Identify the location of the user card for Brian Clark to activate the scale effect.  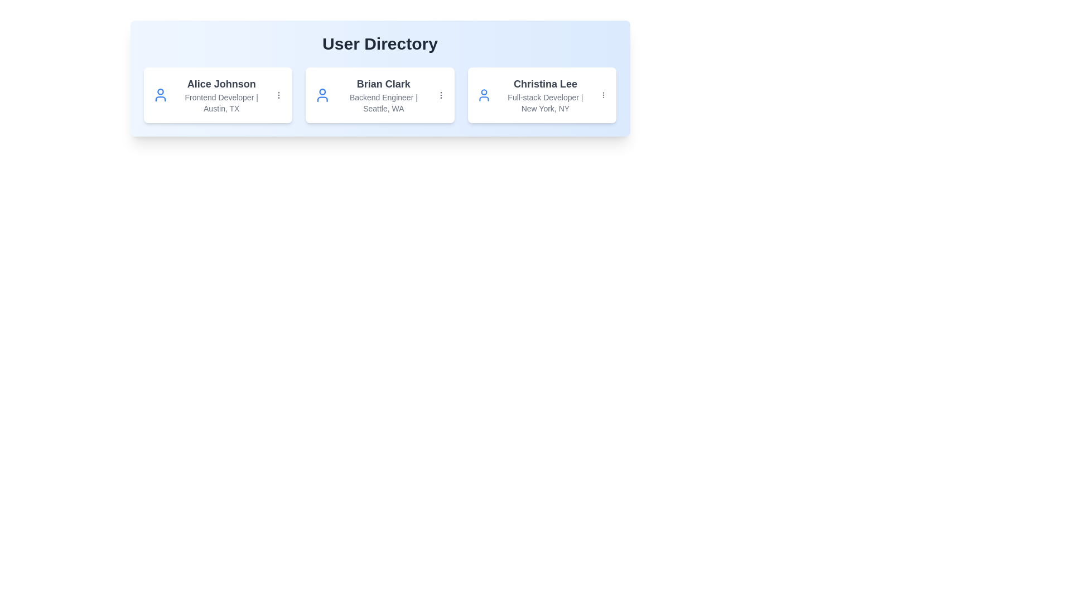
(380, 94).